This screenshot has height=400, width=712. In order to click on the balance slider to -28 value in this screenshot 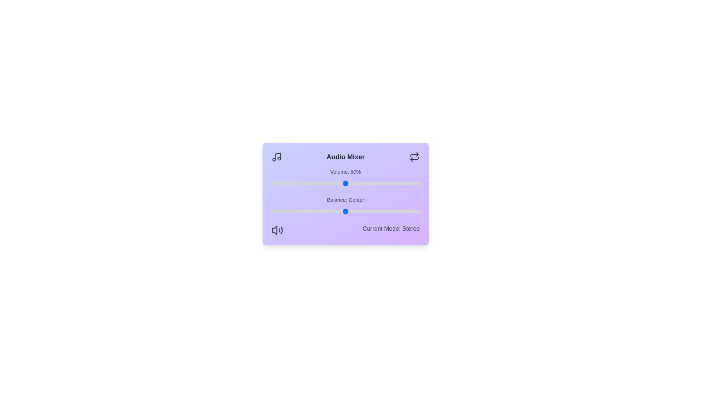, I will do `click(304, 211)`.